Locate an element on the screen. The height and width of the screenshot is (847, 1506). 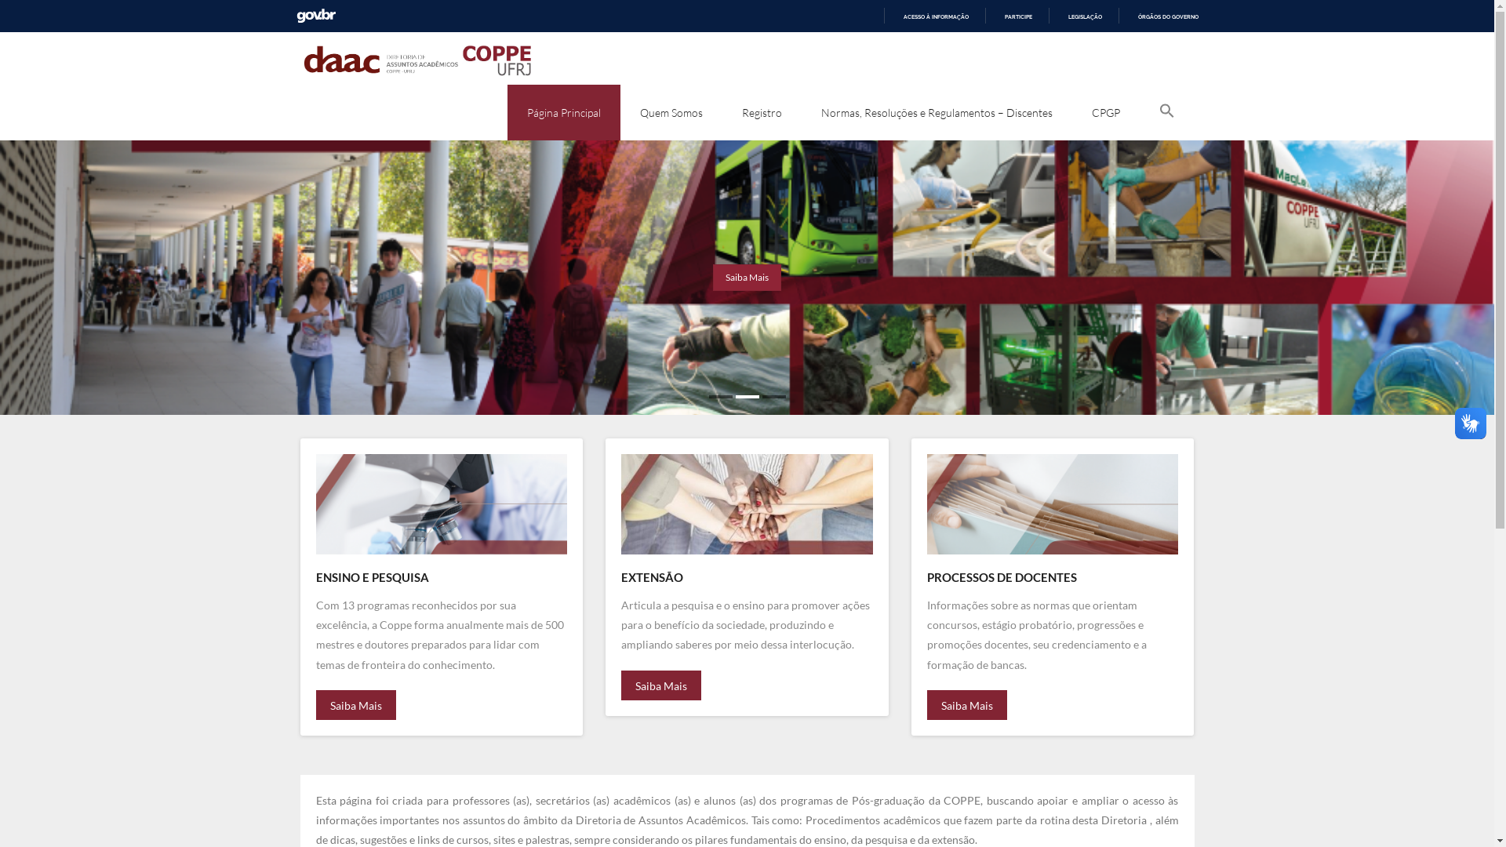
'1' is located at coordinates (719, 395).